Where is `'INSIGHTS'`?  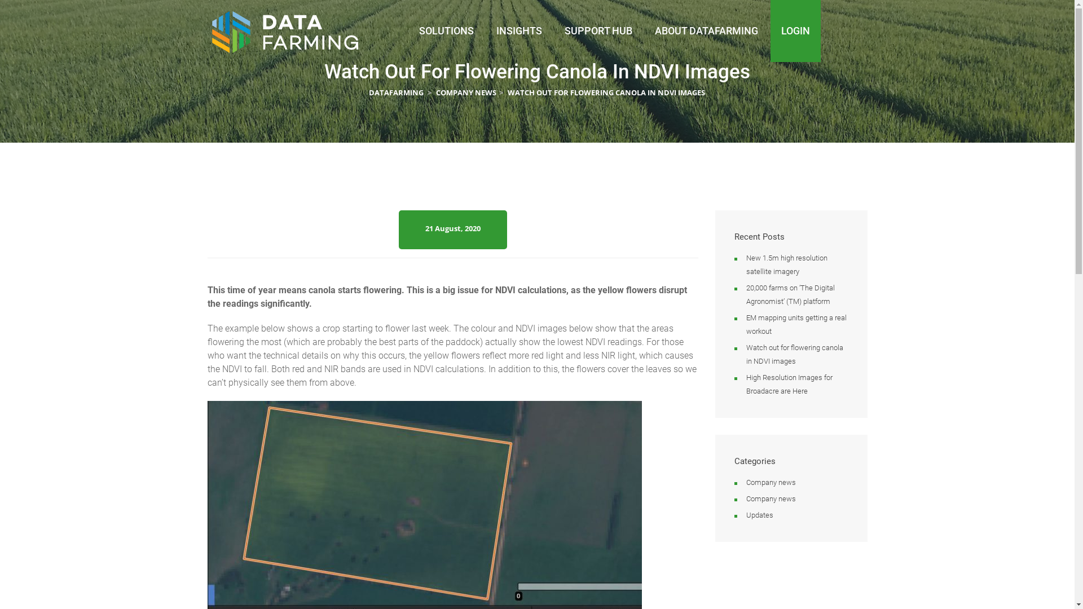
'INSIGHTS' is located at coordinates (518, 30).